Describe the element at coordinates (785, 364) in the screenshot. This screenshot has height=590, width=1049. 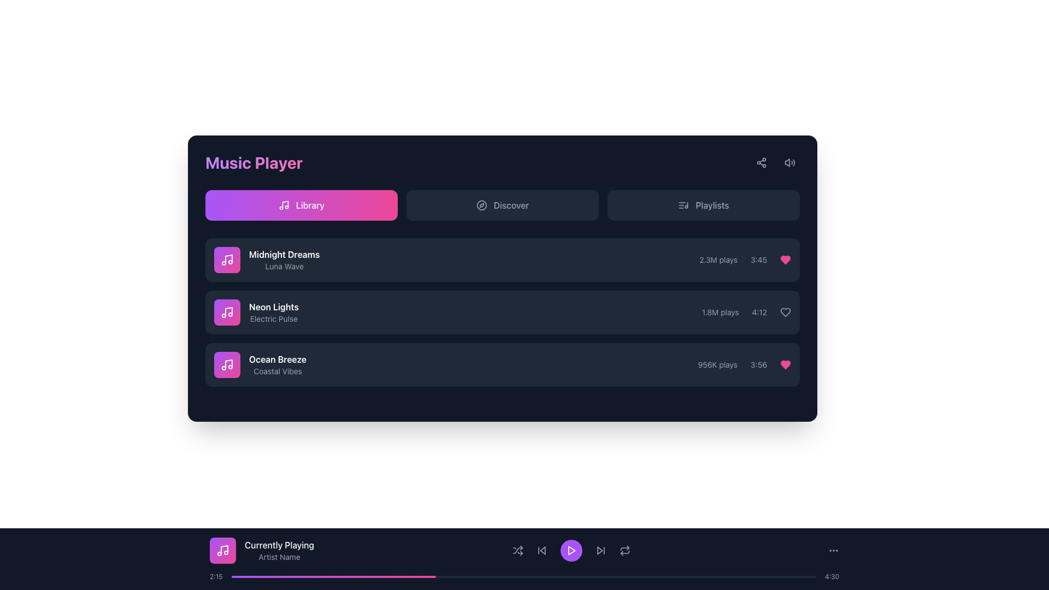
I see `the like button for the song 'Ocean Breeze', located in the third row of the music list table` at that location.